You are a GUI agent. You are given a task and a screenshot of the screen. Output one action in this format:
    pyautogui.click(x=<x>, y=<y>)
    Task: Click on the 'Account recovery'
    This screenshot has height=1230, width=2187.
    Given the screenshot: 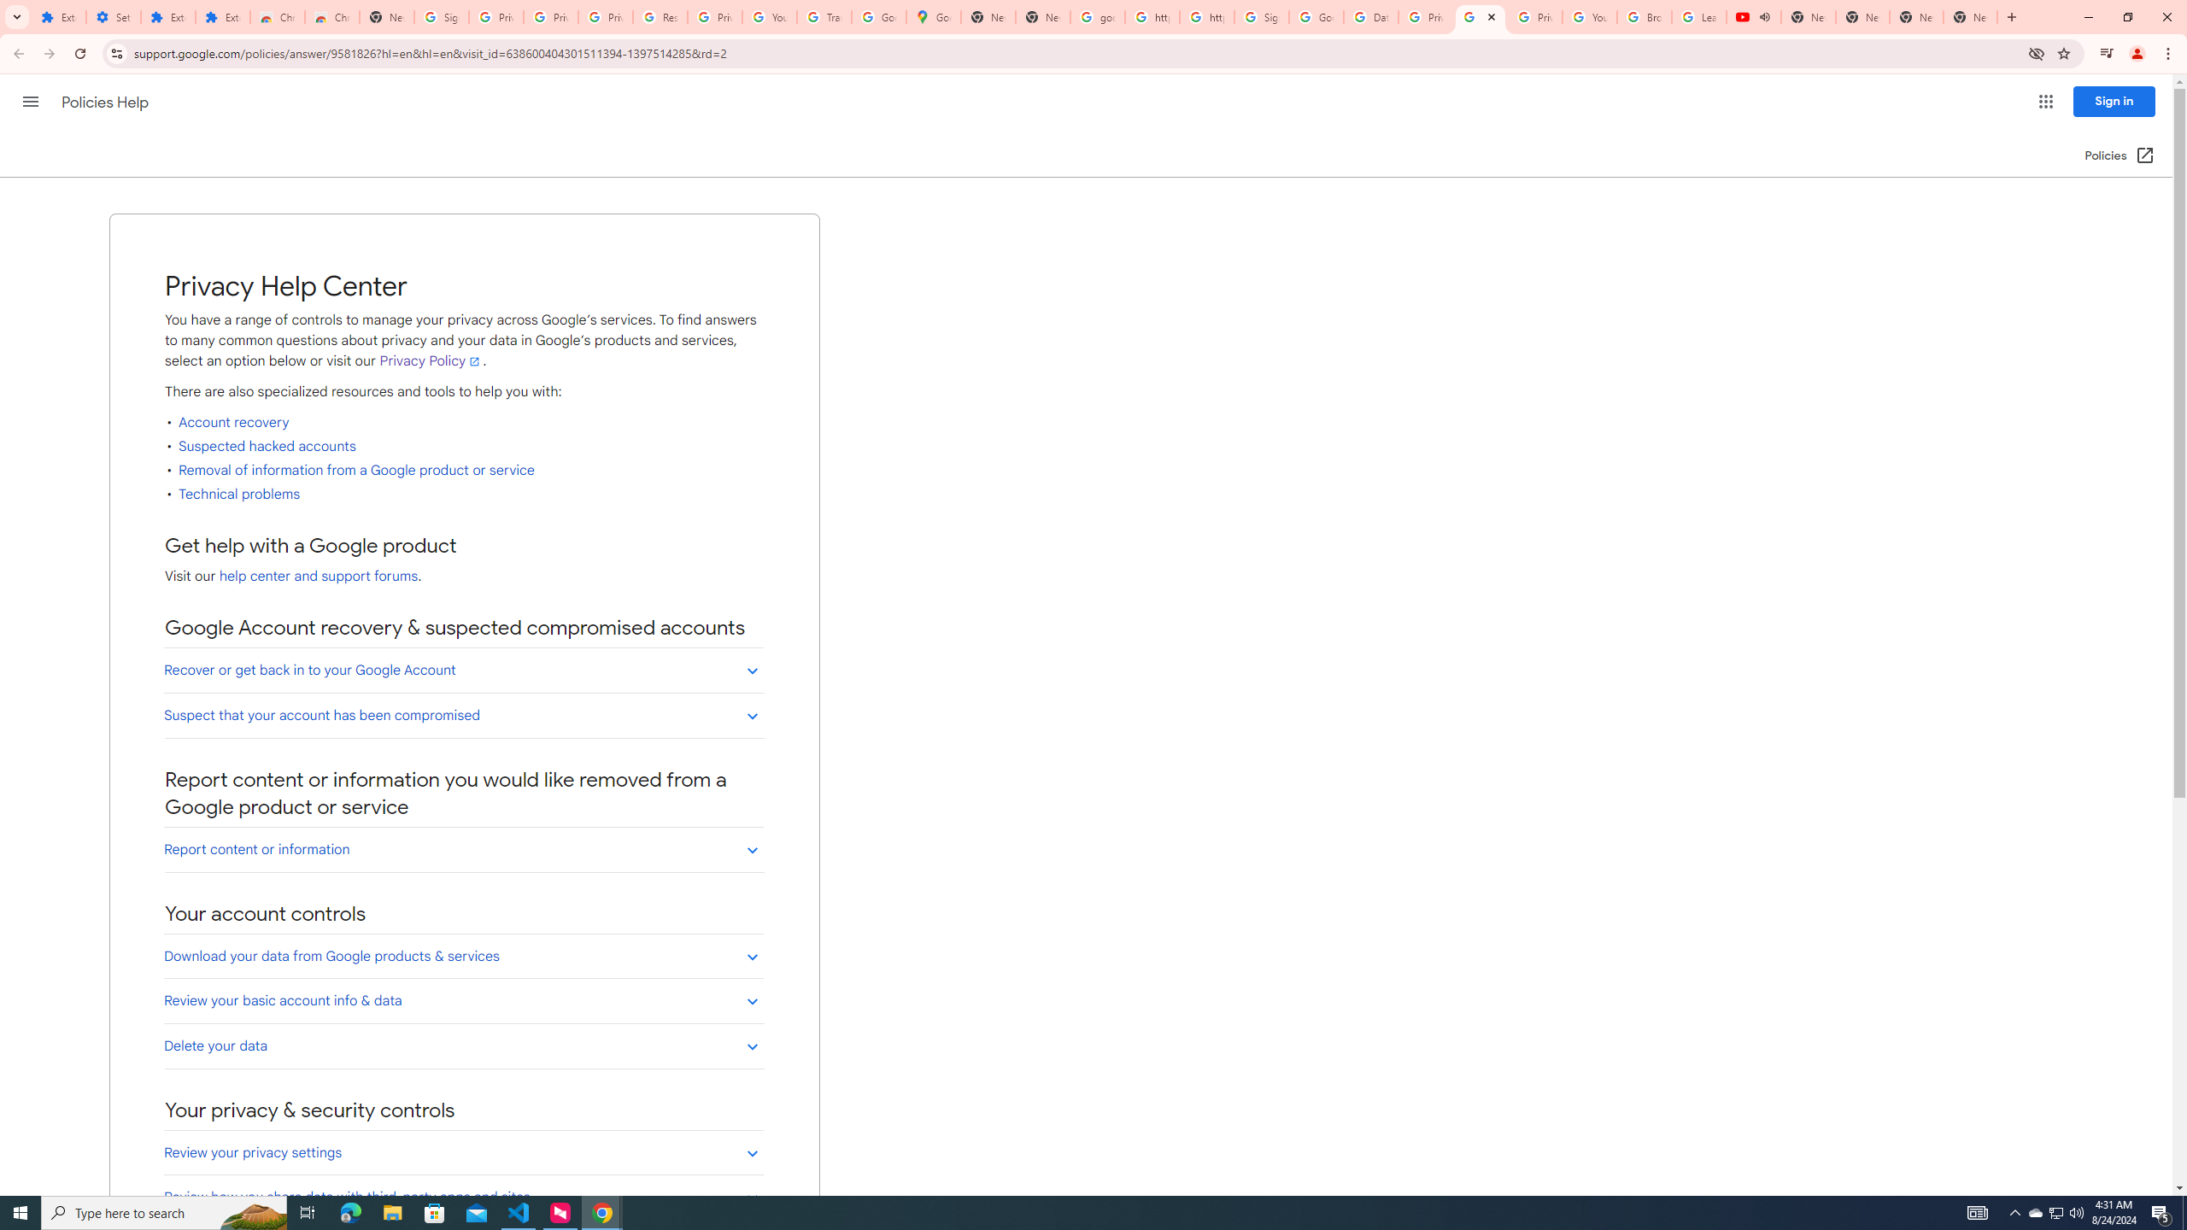 What is the action you would take?
    pyautogui.click(x=233, y=422)
    